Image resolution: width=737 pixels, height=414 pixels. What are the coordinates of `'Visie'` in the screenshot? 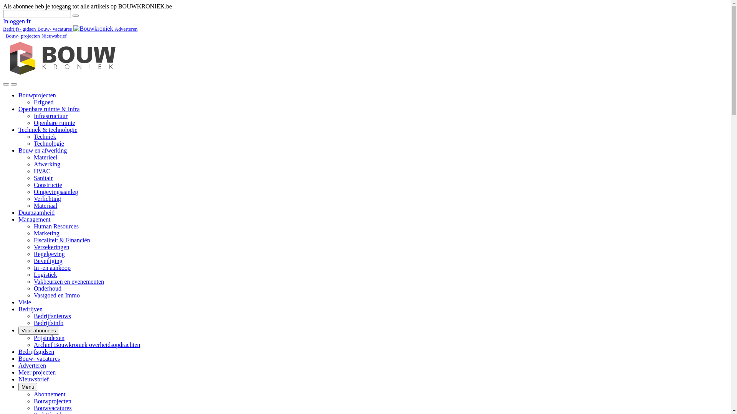 It's located at (25, 302).